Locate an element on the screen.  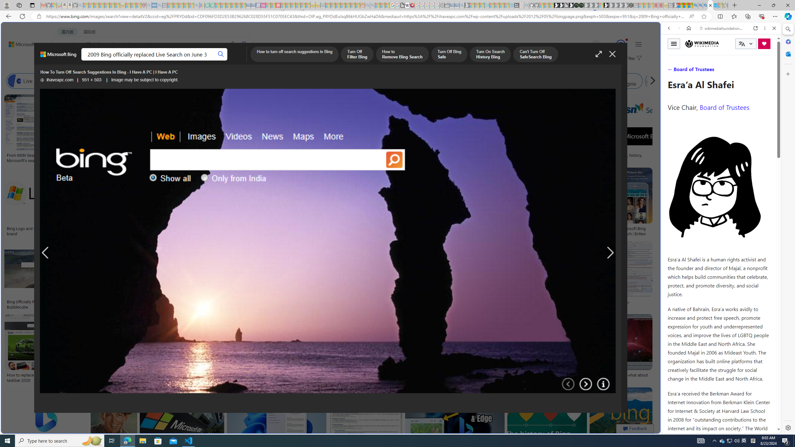
'CURRENT LANGUAGE:' is located at coordinates (746, 44).